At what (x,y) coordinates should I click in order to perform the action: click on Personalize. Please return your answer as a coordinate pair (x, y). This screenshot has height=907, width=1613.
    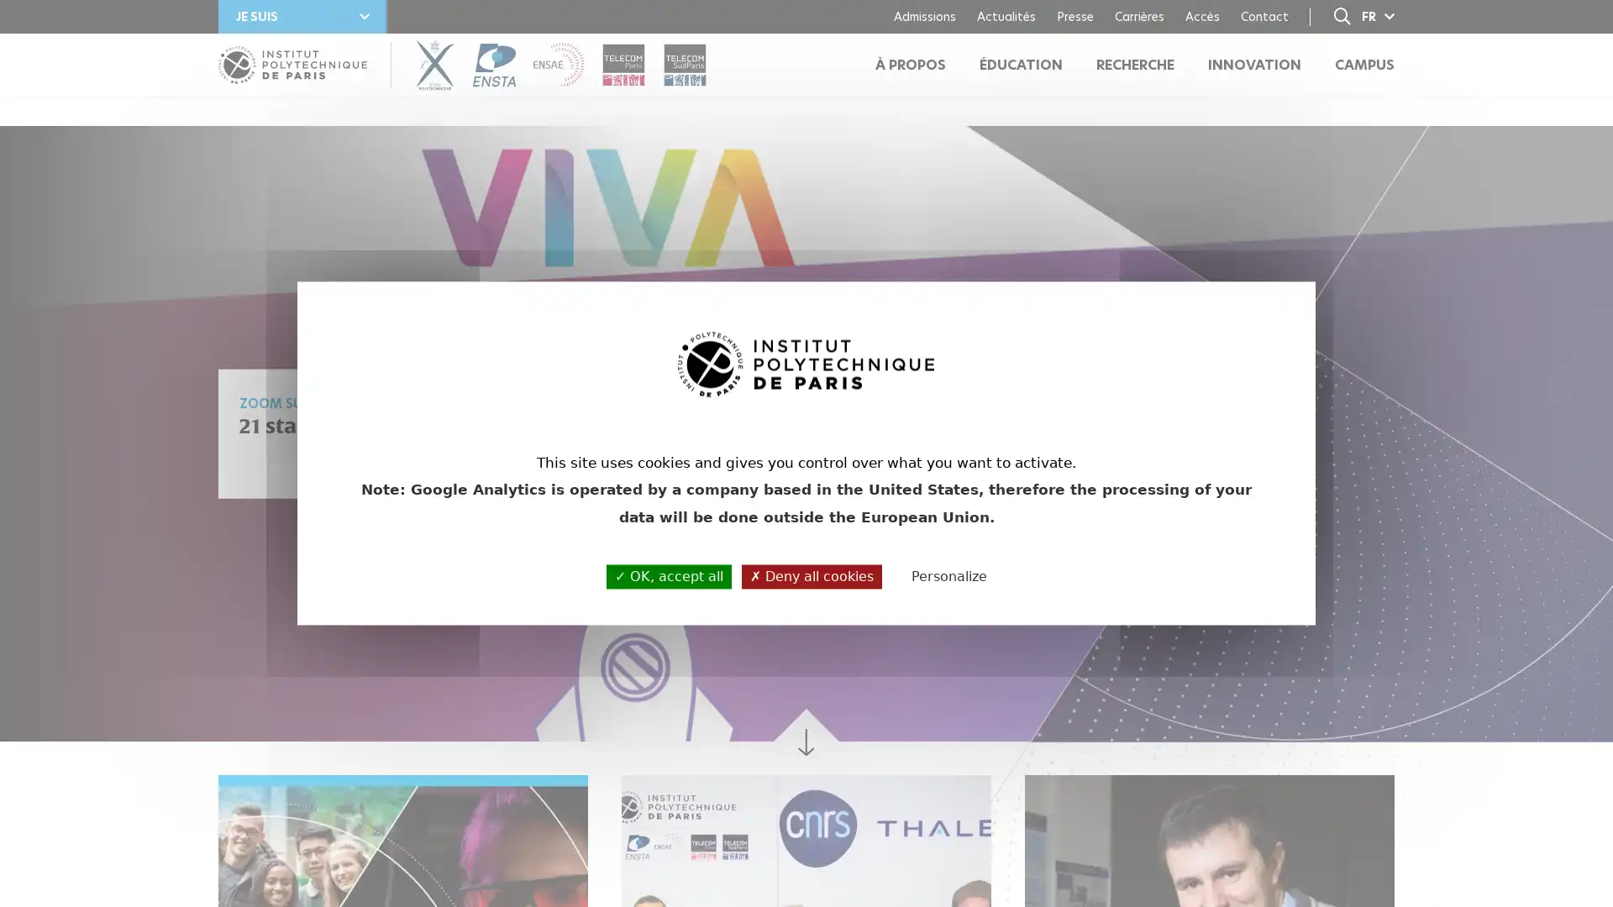
    Looking at the image, I should click on (948, 576).